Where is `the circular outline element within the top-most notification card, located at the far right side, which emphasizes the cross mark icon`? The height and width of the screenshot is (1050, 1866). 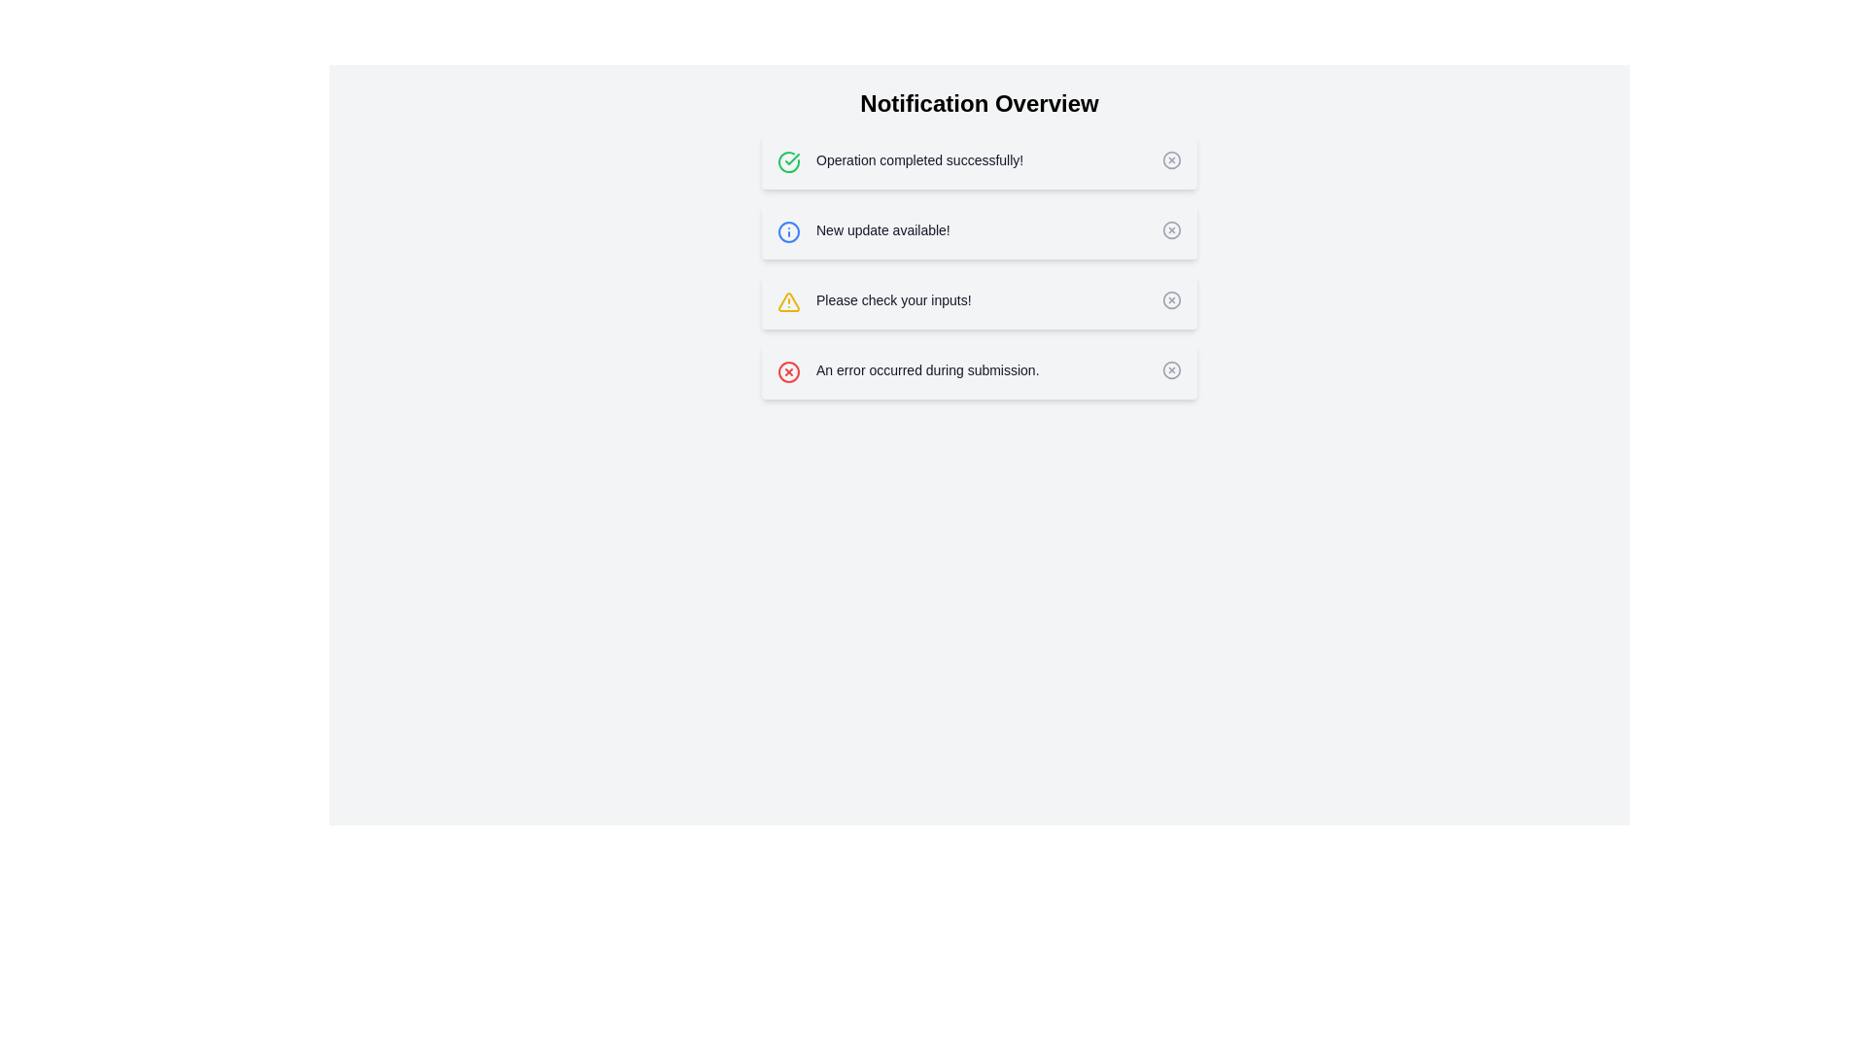 the circular outline element within the top-most notification card, located at the far right side, which emphasizes the cross mark icon is located at coordinates (1170, 159).